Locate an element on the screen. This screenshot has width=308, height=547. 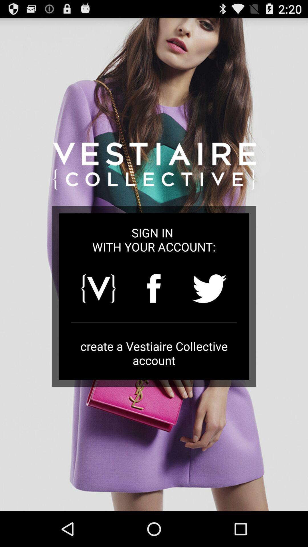
the create a vestiaire is located at coordinates (154, 353).